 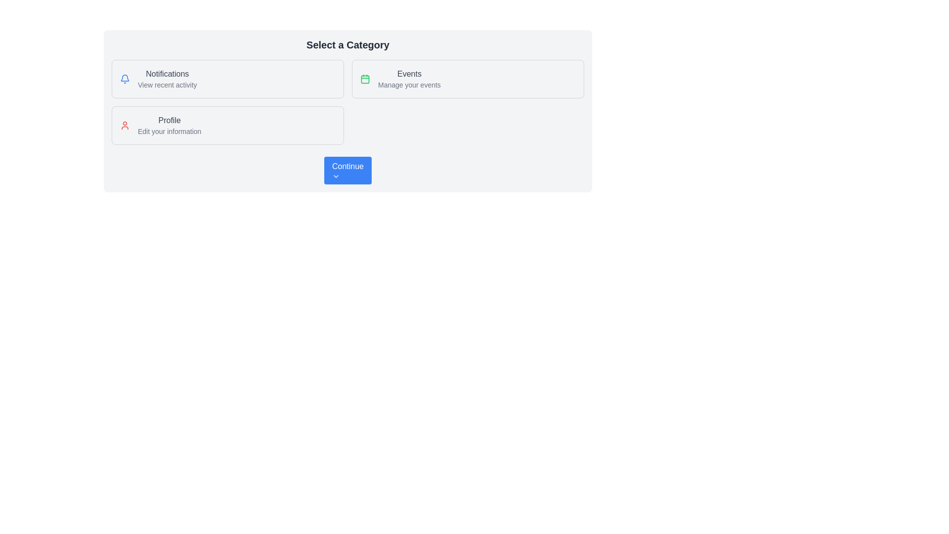 I want to click on the text label that says 'Edit your information', which is located below the bold label 'Profile', so click(x=170, y=131).